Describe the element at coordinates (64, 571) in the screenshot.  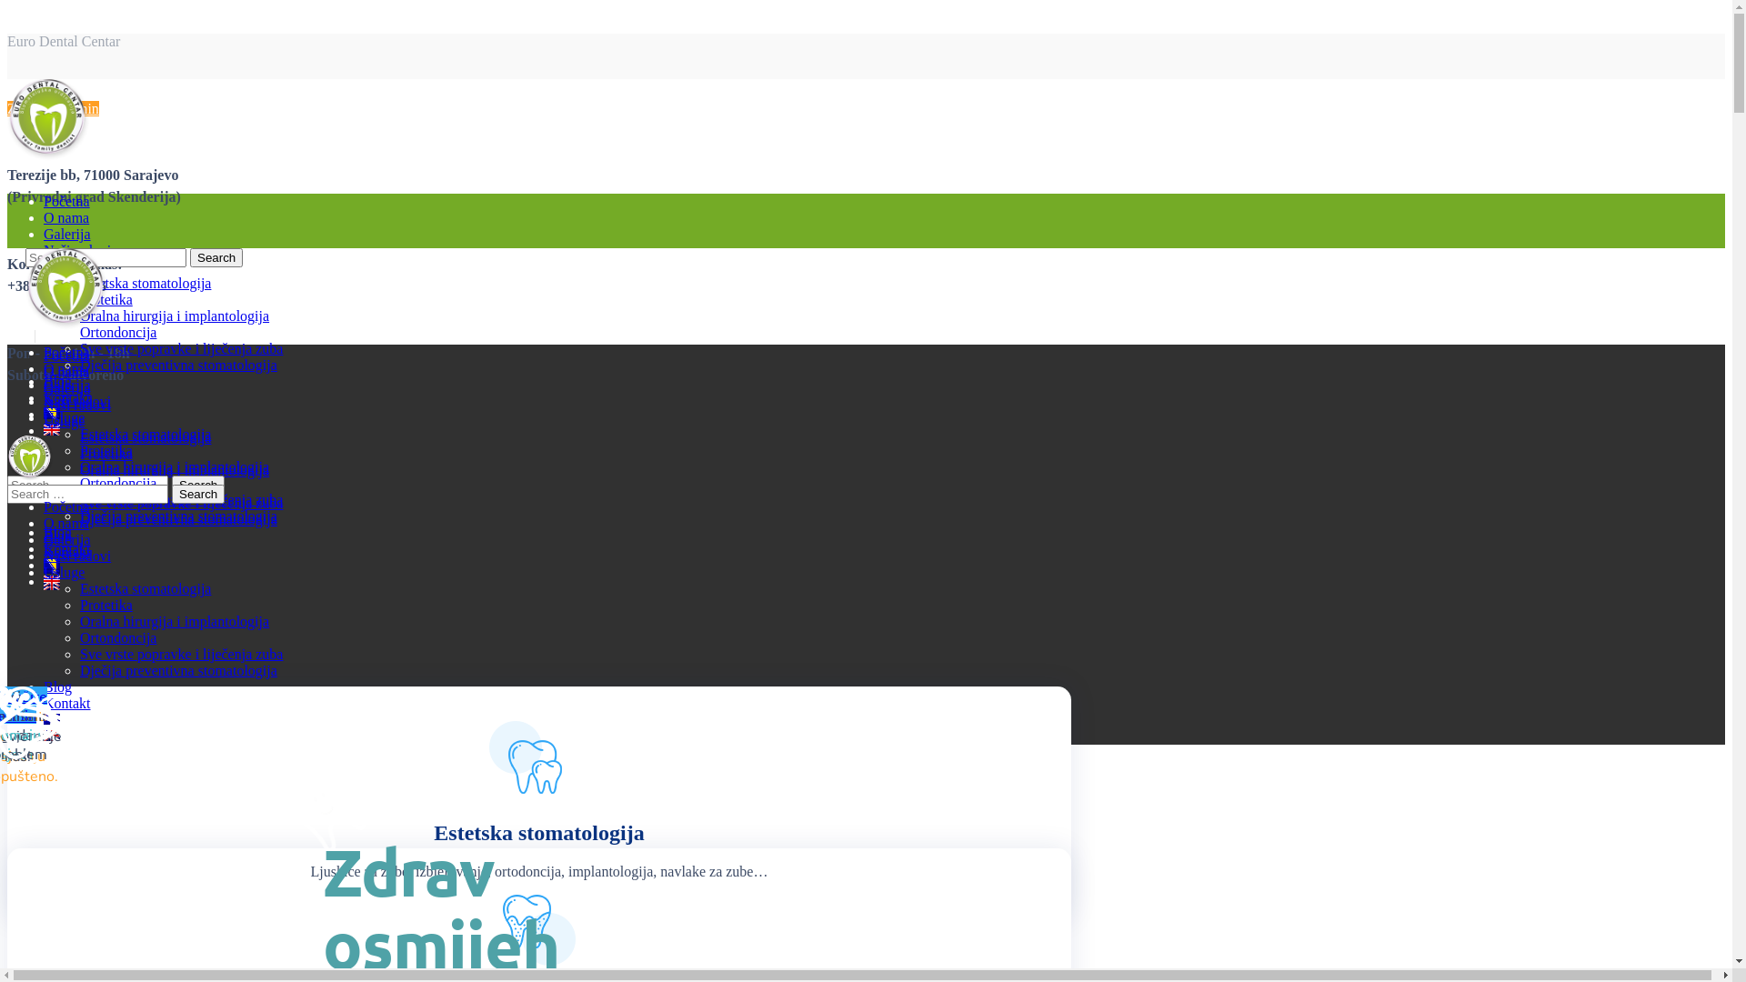
I see `'Usluge'` at that location.